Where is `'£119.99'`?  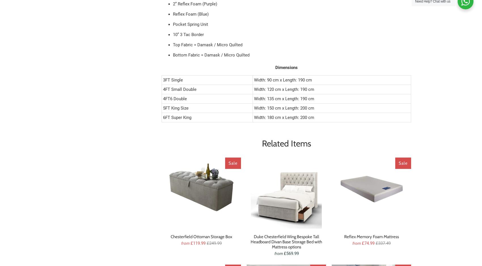
'£119.99' is located at coordinates (191, 243).